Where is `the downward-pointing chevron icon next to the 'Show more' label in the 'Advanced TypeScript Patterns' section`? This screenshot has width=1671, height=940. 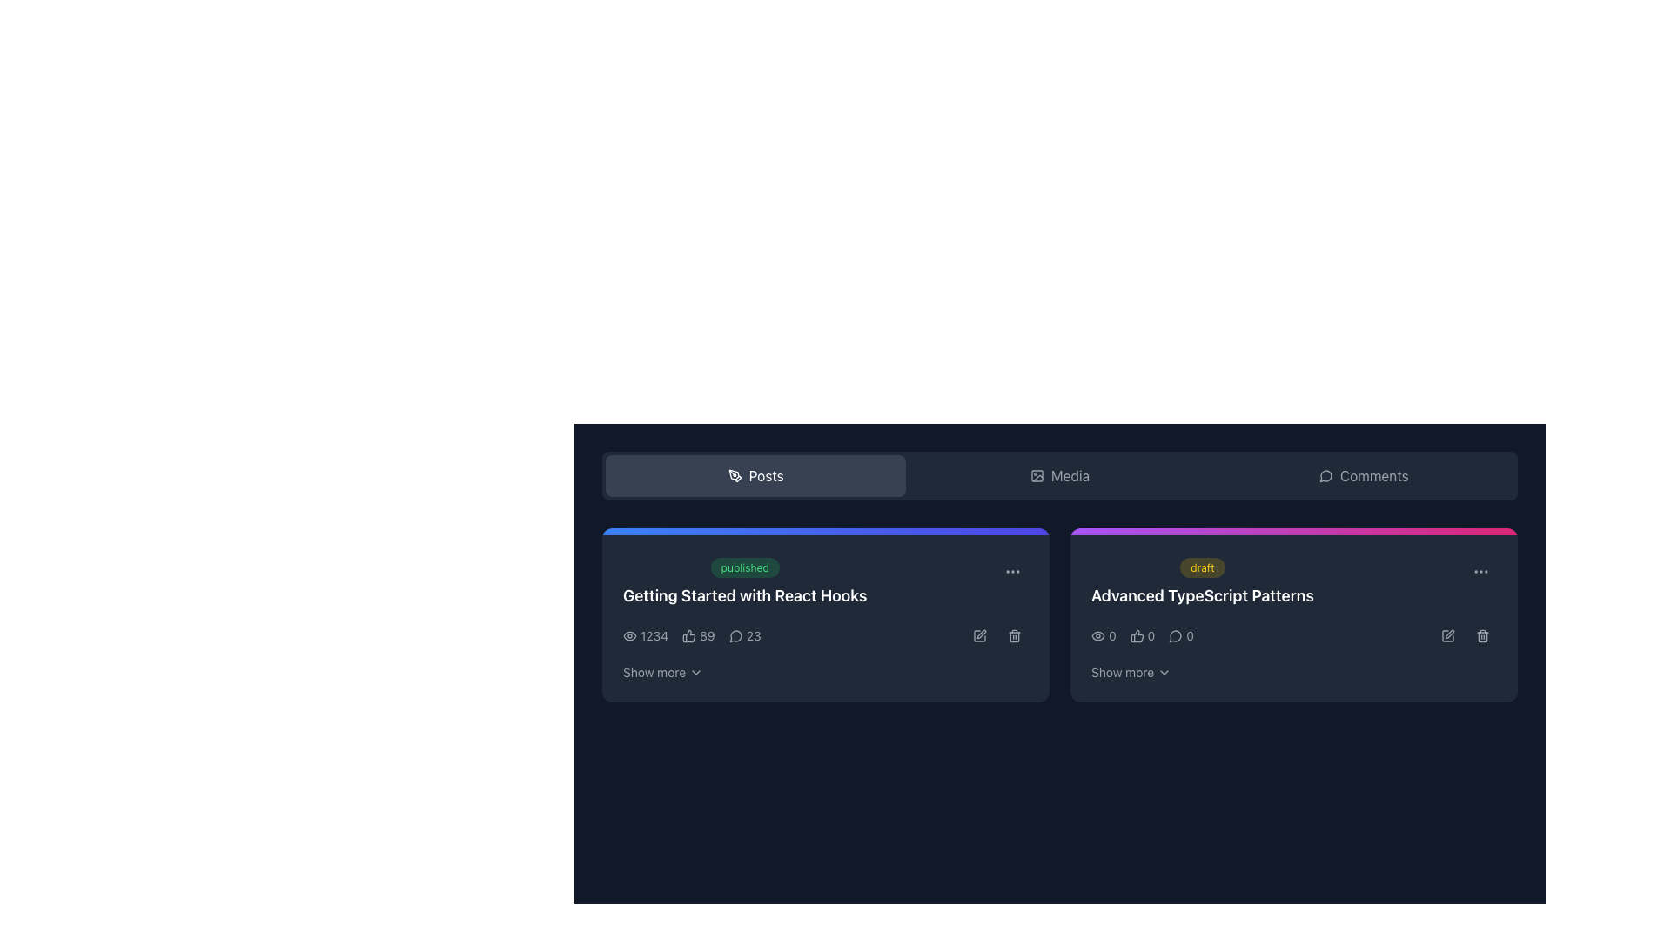 the downward-pointing chevron icon next to the 'Show more' label in the 'Advanced TypeScript Patterns' section is located at coordinates (1164, 671).